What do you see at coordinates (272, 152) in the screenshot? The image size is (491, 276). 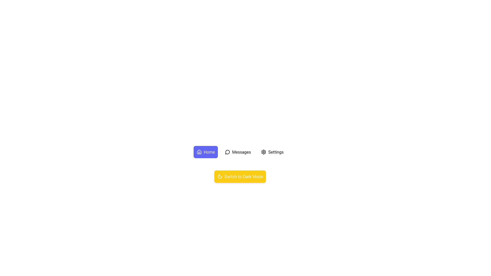 I see `the settings button in the navigation bar` at bounding box center [272, 152].